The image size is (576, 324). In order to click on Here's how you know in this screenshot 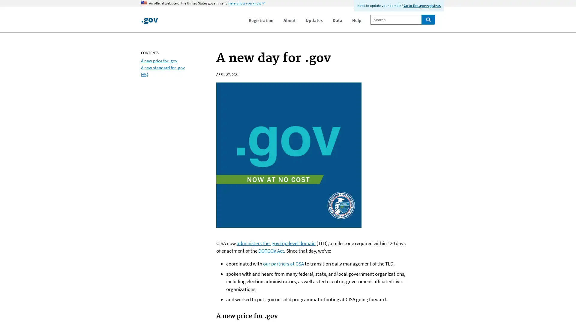, I will do `click(246, 3)`.